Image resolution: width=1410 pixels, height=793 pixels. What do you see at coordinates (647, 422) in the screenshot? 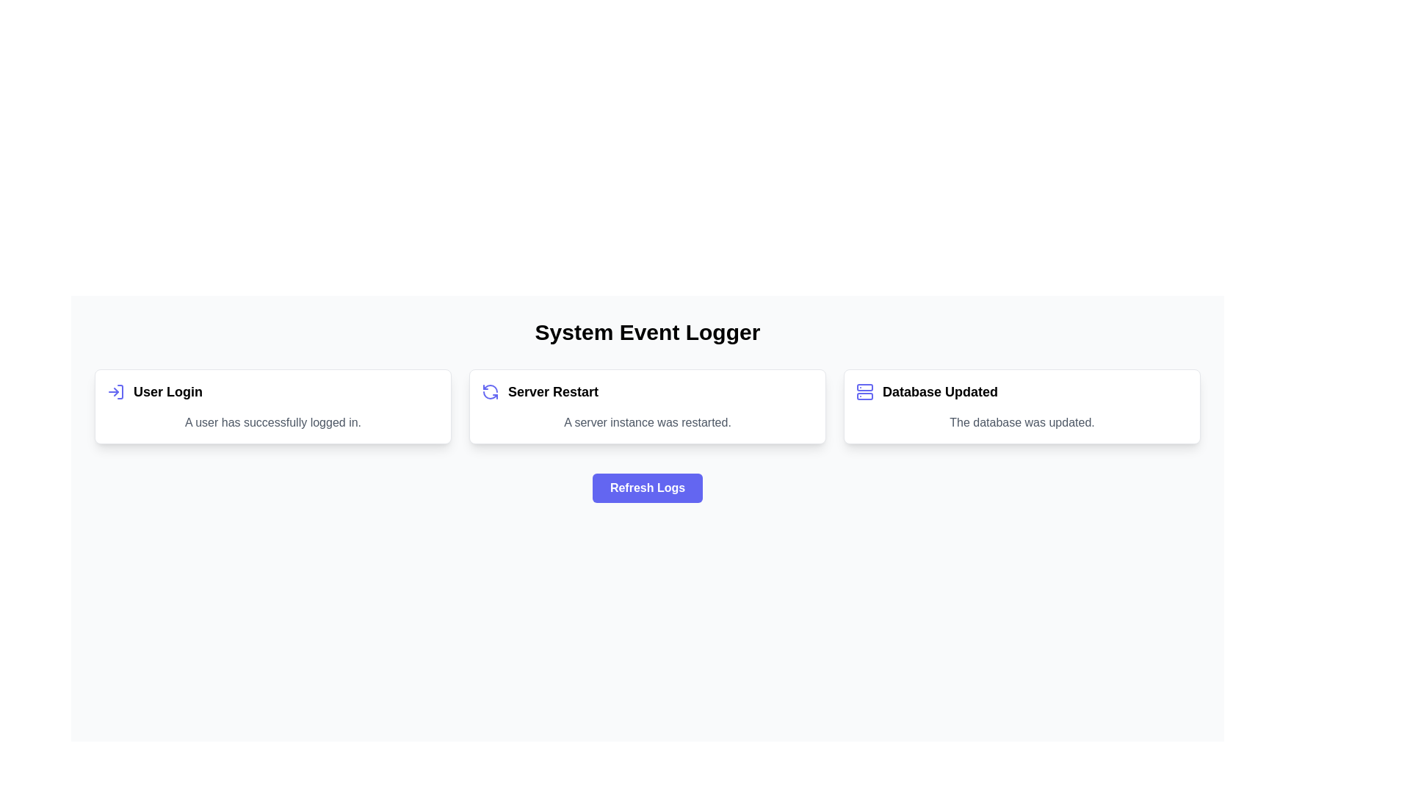
I see `the text label that states 'A server instance was restarted.' which is styled with a gray font and positioned below the 'Server Restart' heading in the second card` at bounding box center [647, 422].